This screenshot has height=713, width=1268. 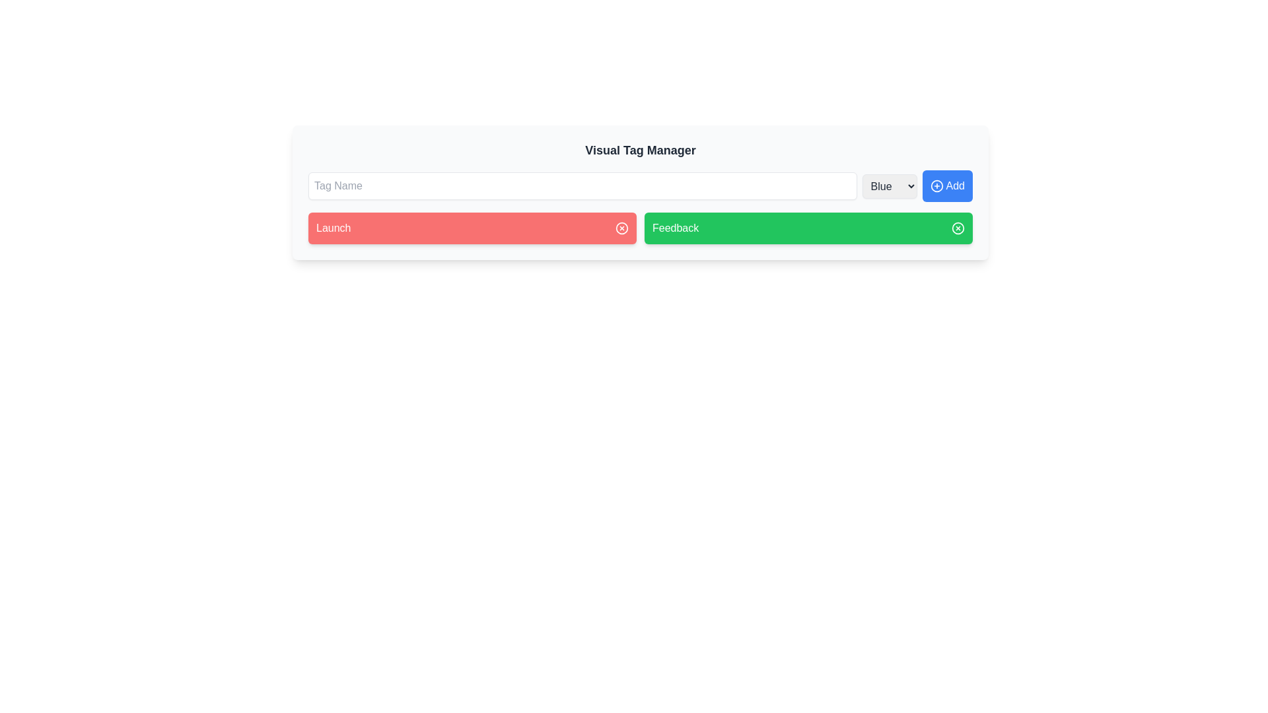 What do you see at coordinates (936, 186) in the screenshot?
I see `the innermost circular icon element within the graphical icon set, located to the right of the blue 'Add' button in the top-right corner of the interface` at bounding box center [936, 186].